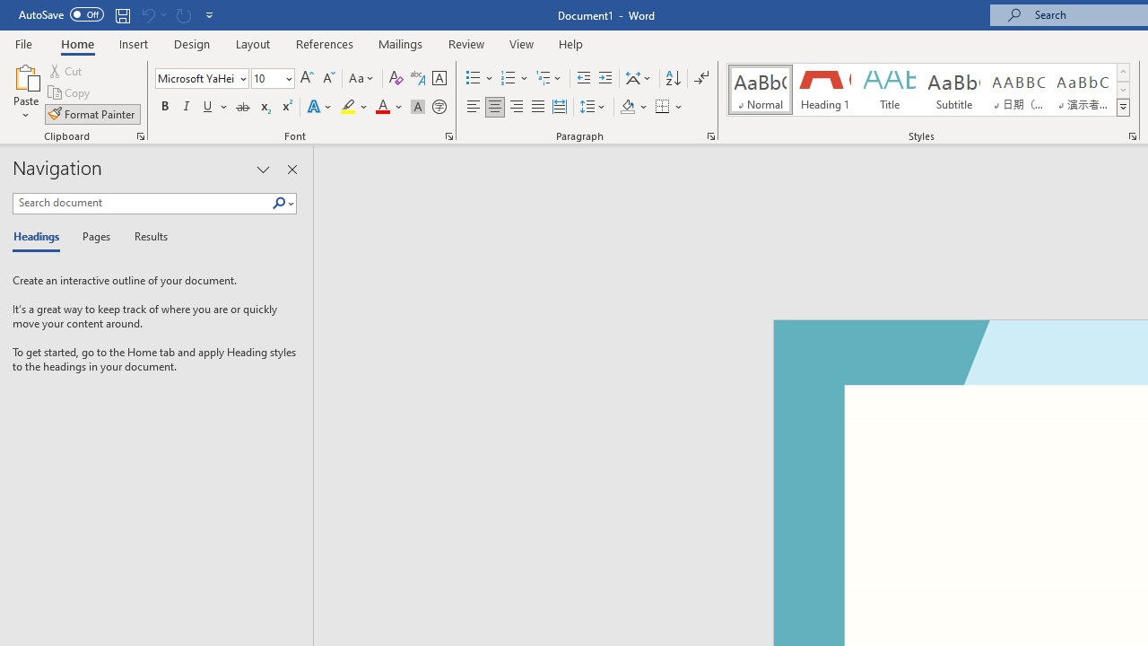 The image size is (1148, 646). What do you see at coordinates (388, 107) in the screenshot?
I see `'Font Color'` at bounding box center [388, 107].